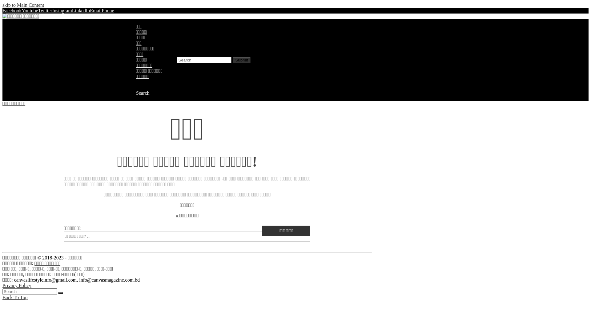 Image resolution: width=591 pixels, height=332 pixels. What do you see at coordinates (90, 10) in the screenshot?
I see `'Email'` at bounding box center [90, 10].